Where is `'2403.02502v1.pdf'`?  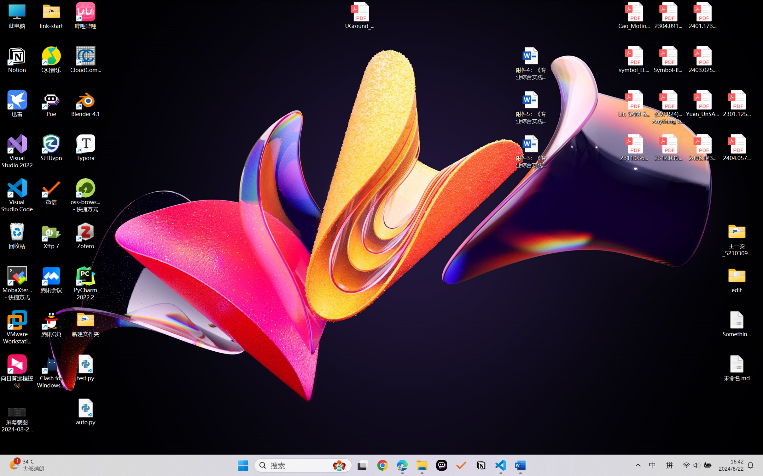 '2403.02502v1.pdf' is located at coordinates (702, 60).